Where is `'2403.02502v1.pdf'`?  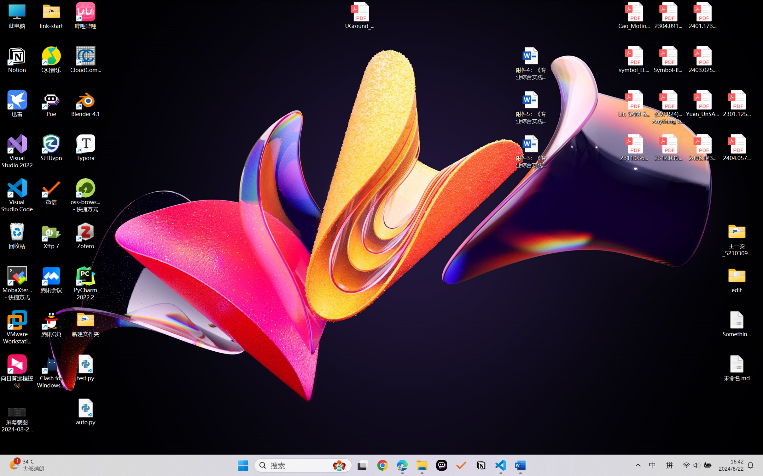 '2403.02502v1.pdf' is located at coordinates (702, 60).